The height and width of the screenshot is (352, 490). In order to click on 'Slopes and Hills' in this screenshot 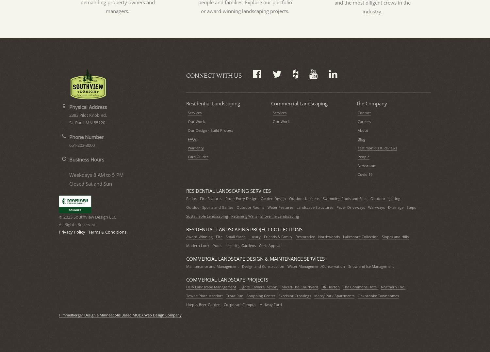, I will do `click(395, 236)`.